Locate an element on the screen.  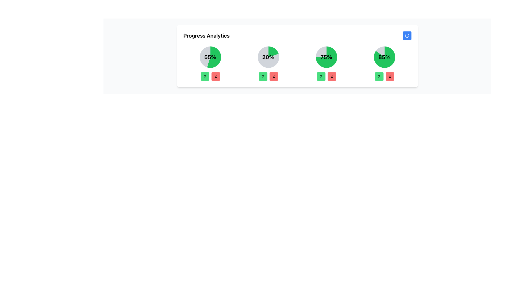
the first button below the second pie chart labeled '20%' is located at coordinates (263, 77).